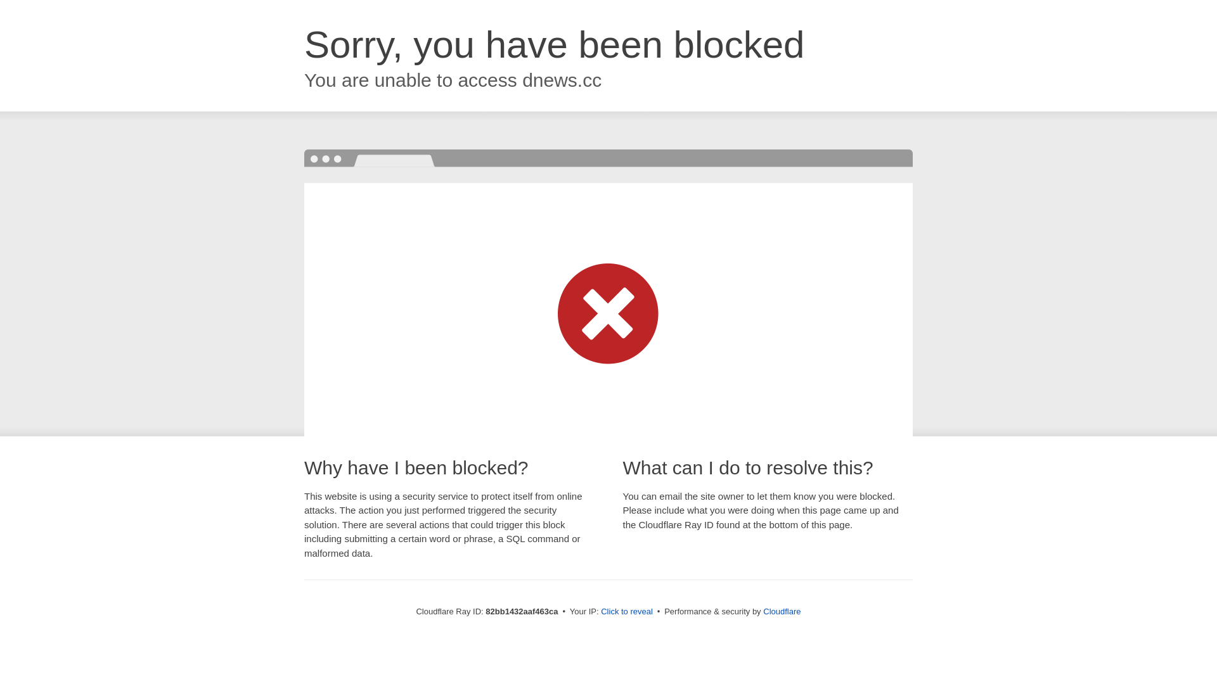 This screenshot has height=684, width=1217. Describe the element at coordinates (781, 611) in the screenshot. I see `'Cloudflare'` at that location.